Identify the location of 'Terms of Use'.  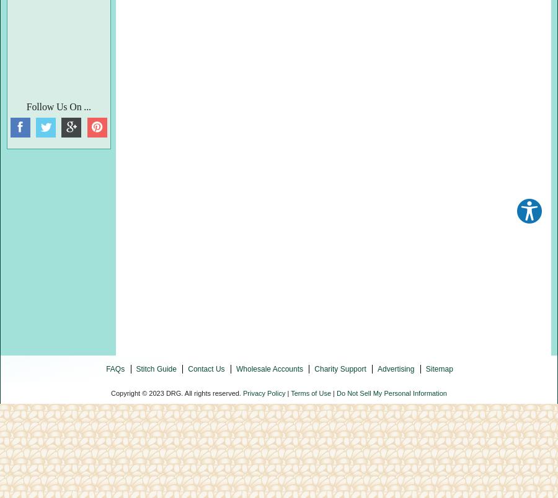
(310, 393).